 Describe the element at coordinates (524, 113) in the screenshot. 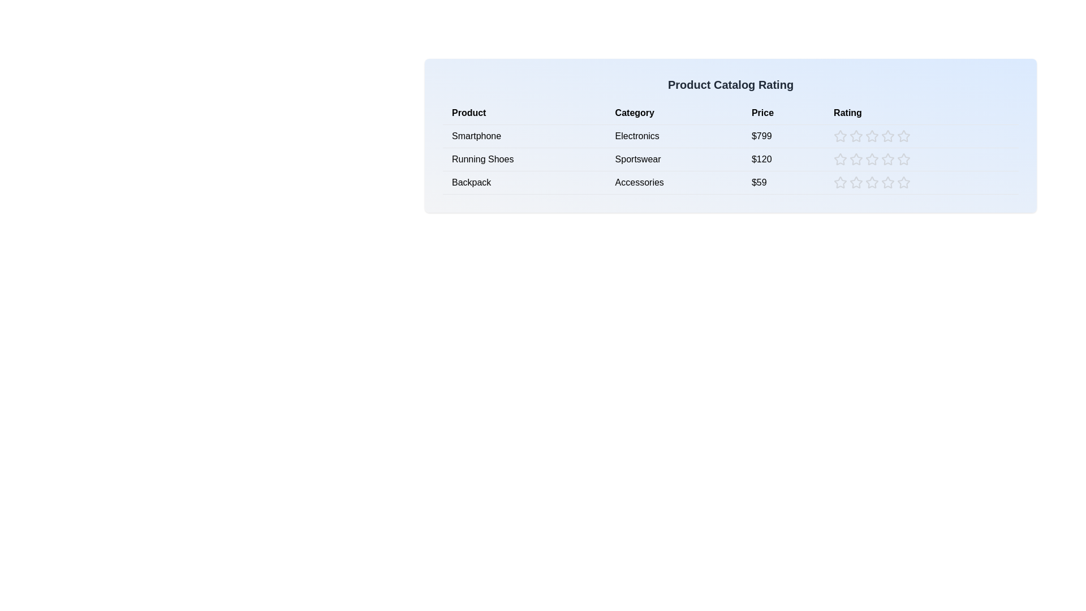

I see `the Product column header to sort the table by that column` at that location.